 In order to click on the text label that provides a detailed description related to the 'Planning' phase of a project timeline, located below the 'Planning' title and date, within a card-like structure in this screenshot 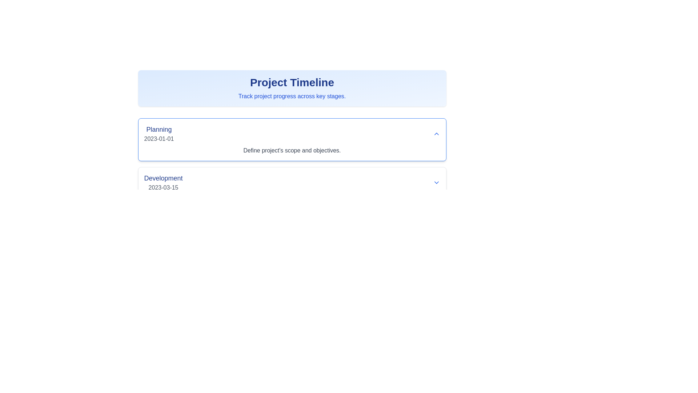, I will do `click(292, 150)`.